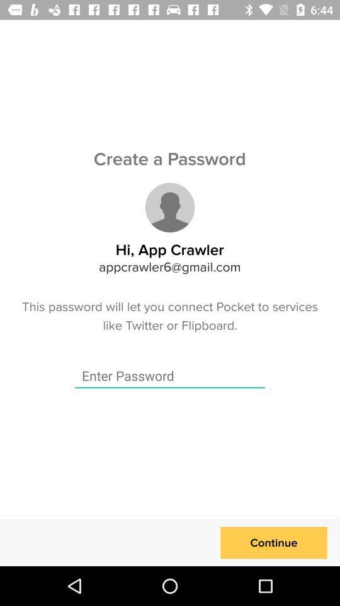 This screenshot has height=606, width=340. Describe the element at coordinates (273, 542) in the screenshot. I see `the continue icon` at that location.